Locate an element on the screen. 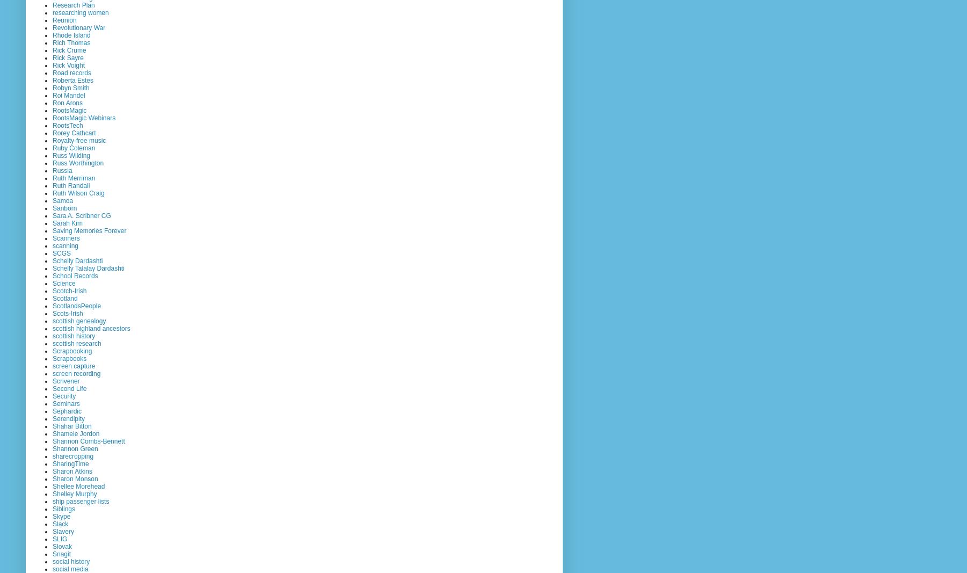 Image resolution: width=967 pixels, height=573 pixels. 'sharecropping' is located at coordinates (72, 455).